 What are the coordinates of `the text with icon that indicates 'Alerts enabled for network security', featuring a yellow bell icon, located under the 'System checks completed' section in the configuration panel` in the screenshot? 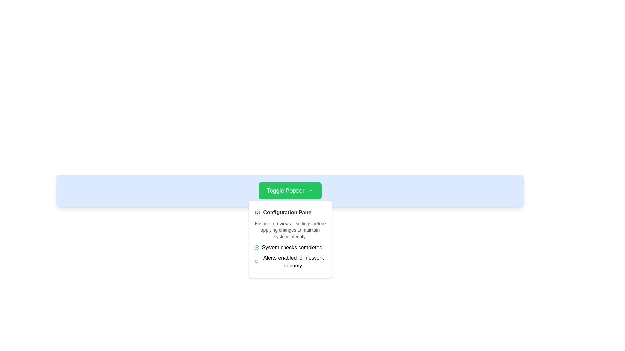 It's located at (290, 262).